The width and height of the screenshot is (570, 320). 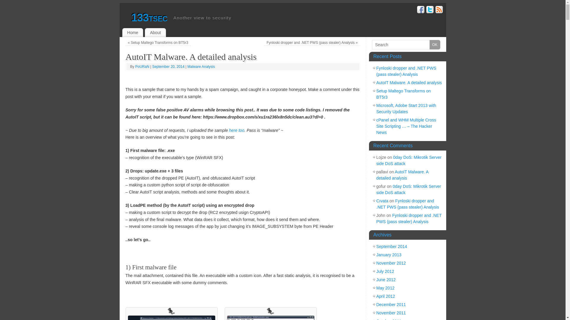 I want to click on 'June 2012', so click(x=386, y=280).